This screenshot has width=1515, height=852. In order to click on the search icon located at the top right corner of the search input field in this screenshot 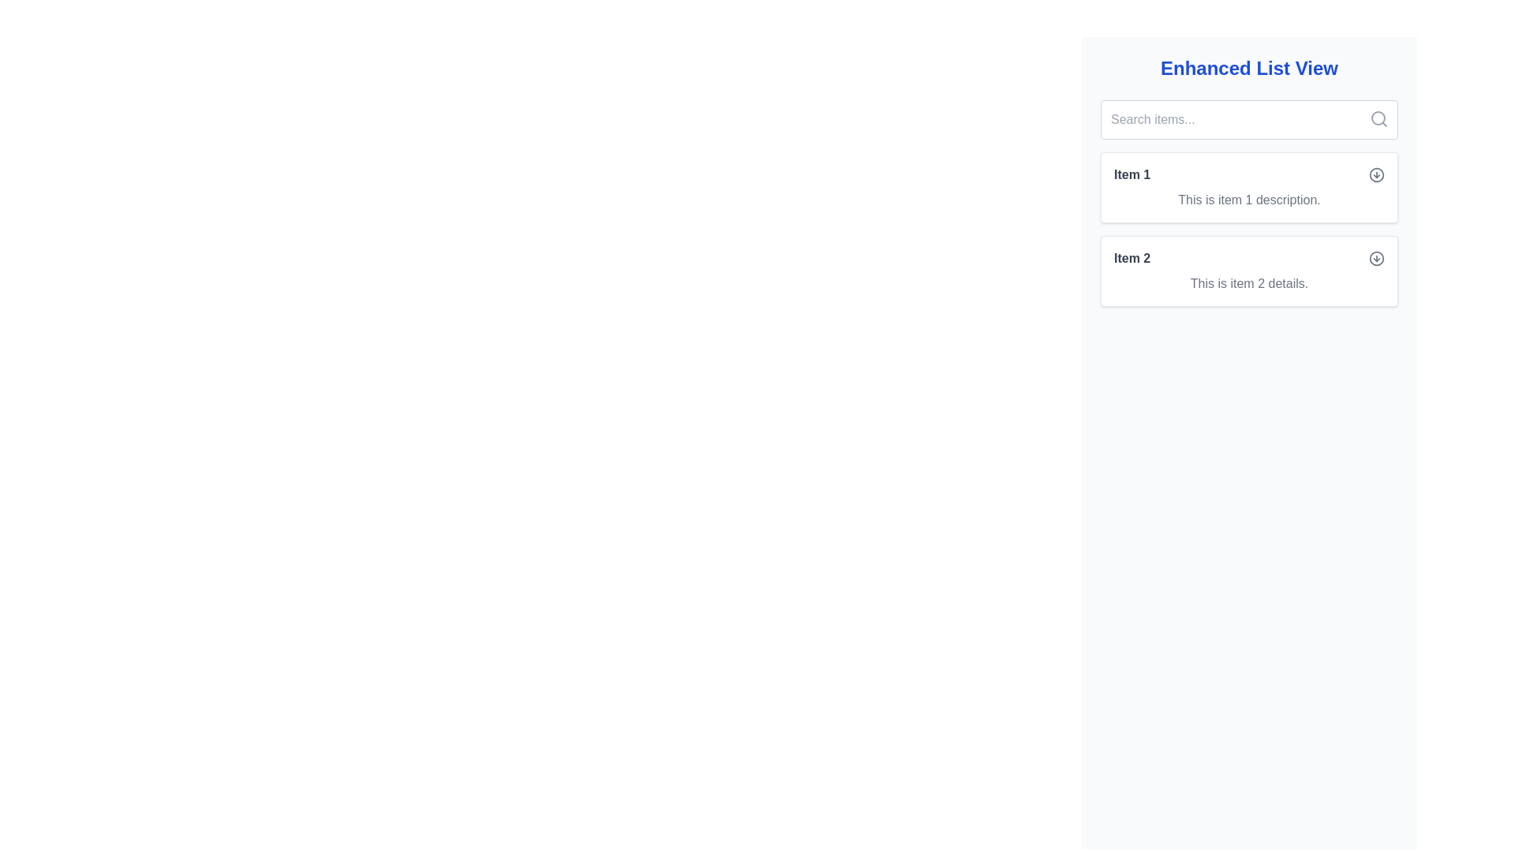, I will do `click(1378, 118)`.